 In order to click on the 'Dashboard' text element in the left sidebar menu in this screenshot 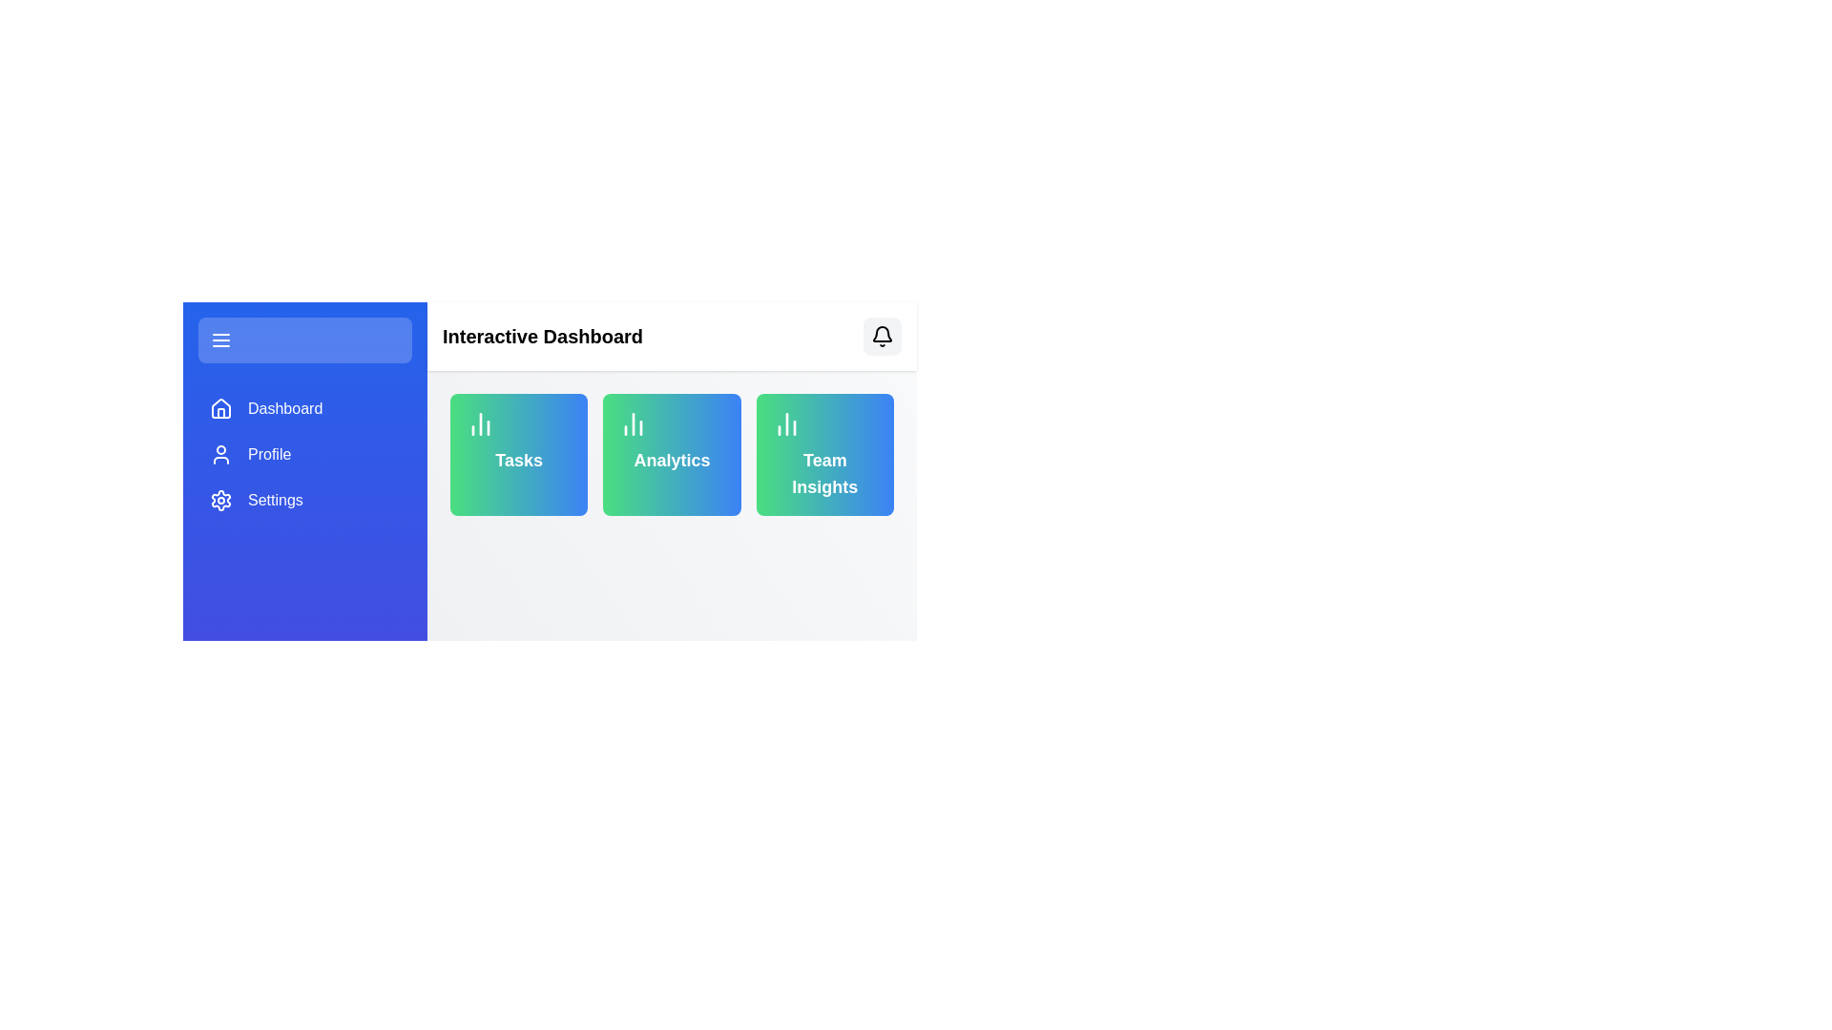, I will do `click(284, 407)`.